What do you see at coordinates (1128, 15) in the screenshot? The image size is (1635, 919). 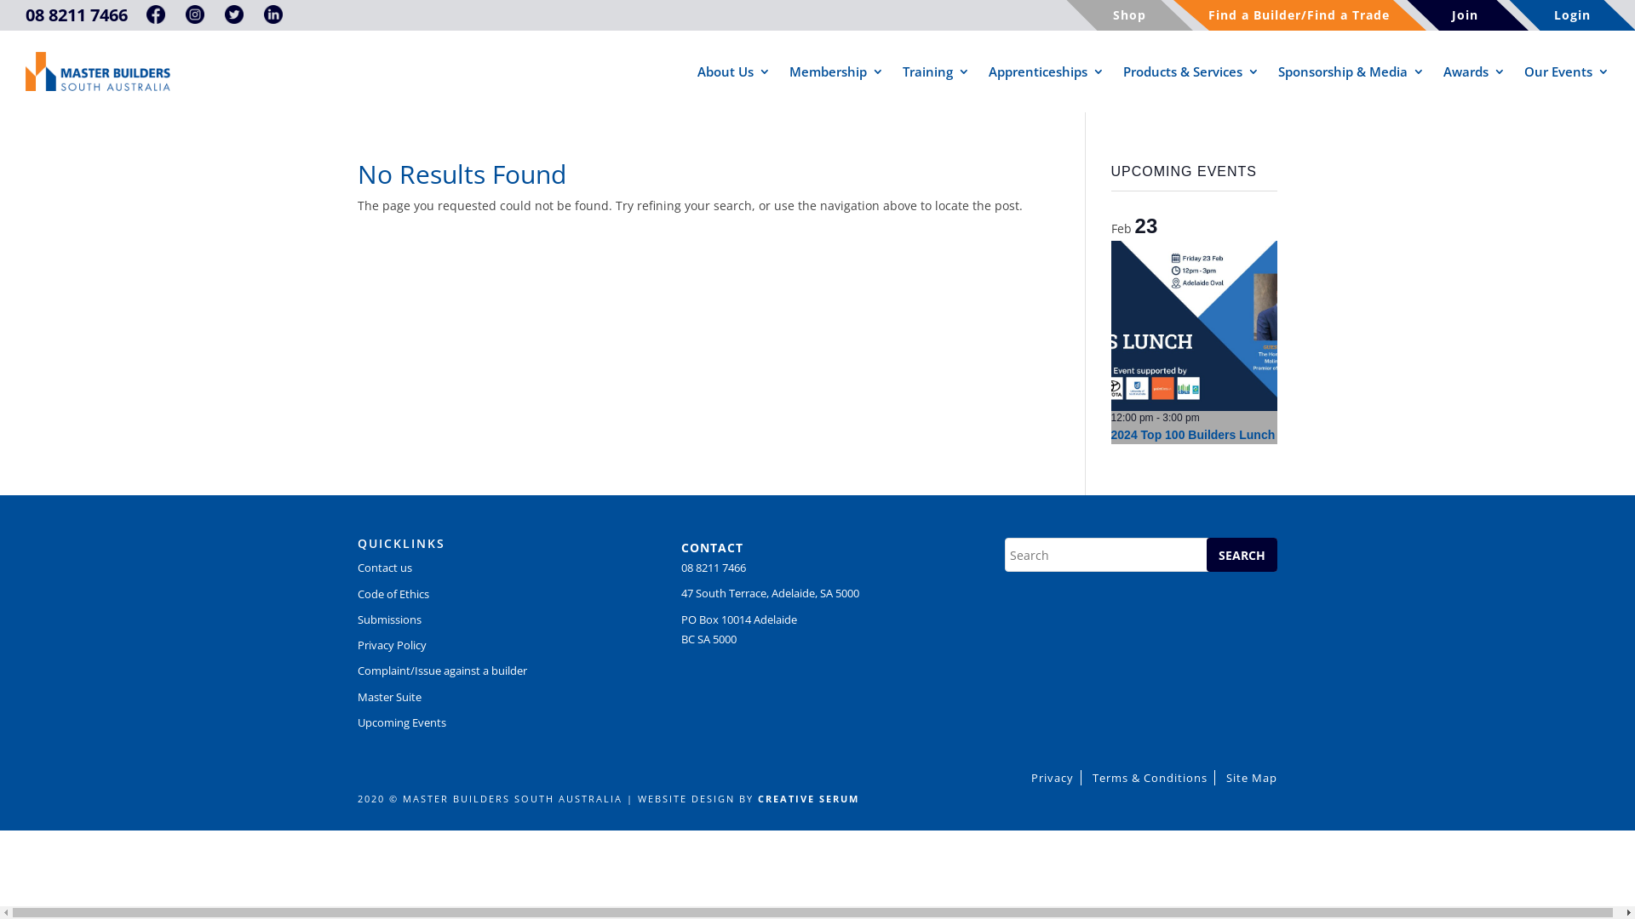 I see `'Shop'` at bounding box center [1128, 15].